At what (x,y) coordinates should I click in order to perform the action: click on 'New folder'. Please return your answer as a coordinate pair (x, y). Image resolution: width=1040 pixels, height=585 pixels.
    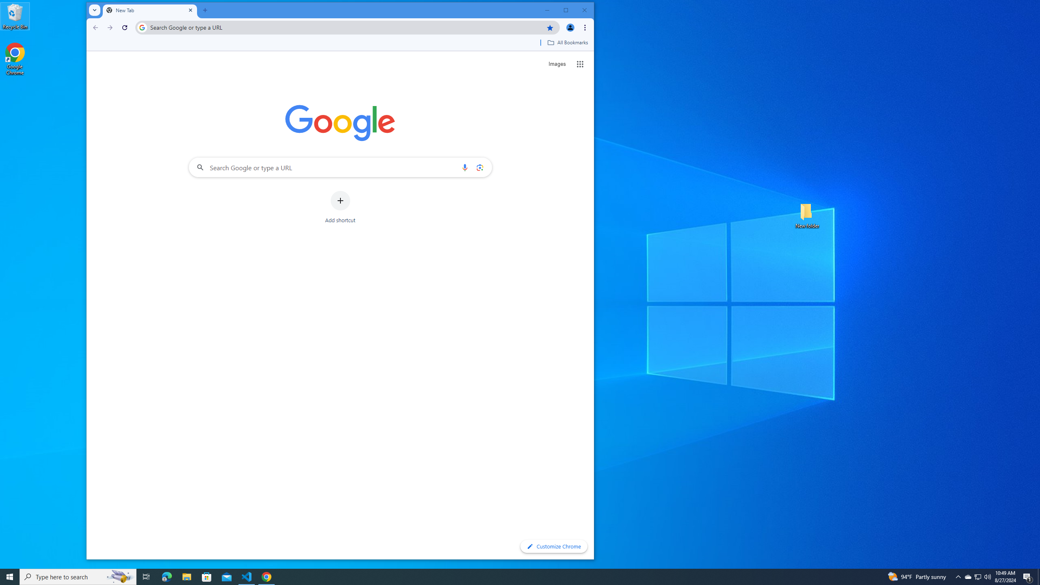
    Looking at the image, I should click on (807, 214).